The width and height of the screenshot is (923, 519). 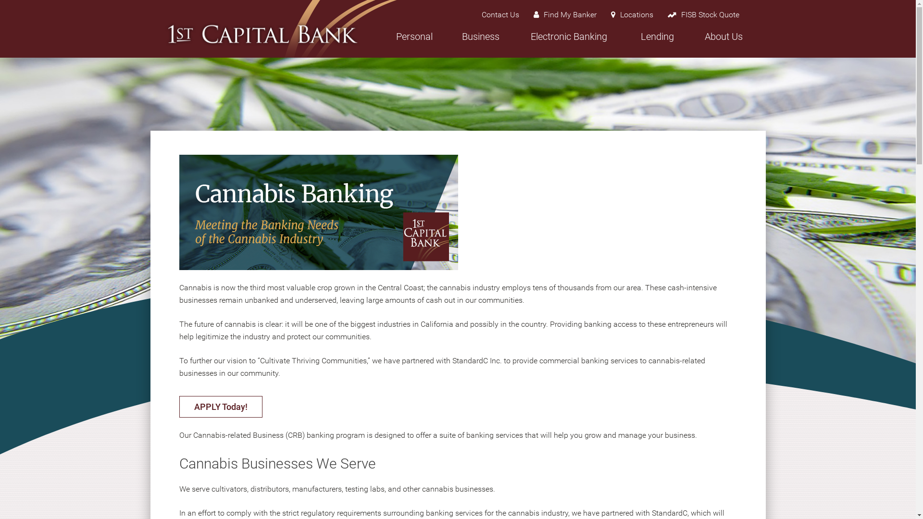 I want to click on 'Business', so click(x=480, y=41).